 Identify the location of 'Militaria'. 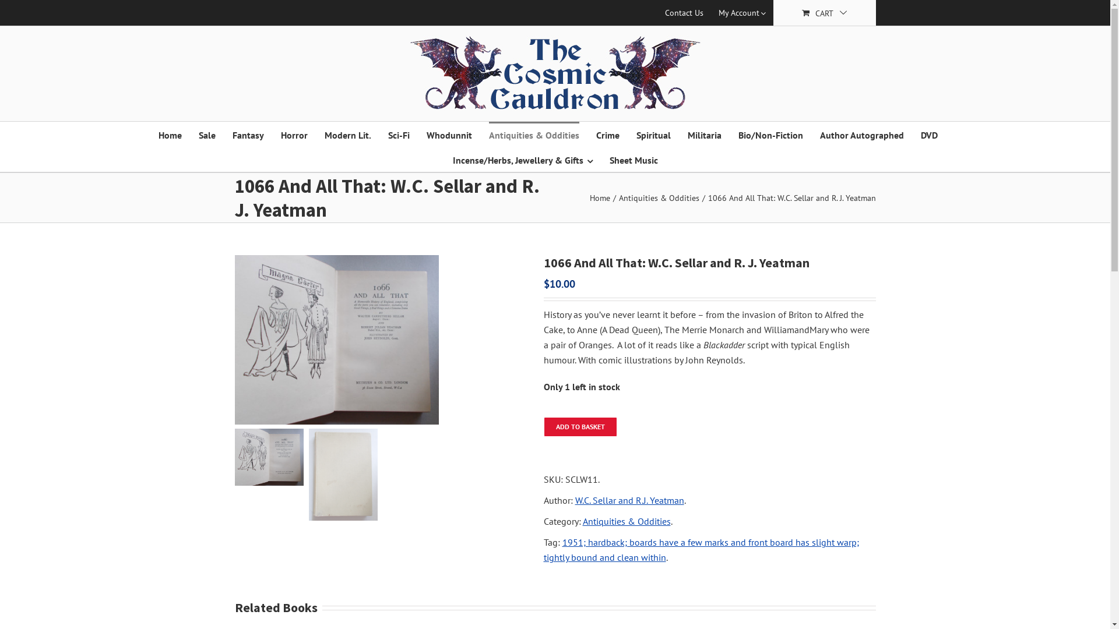
(704, 133).